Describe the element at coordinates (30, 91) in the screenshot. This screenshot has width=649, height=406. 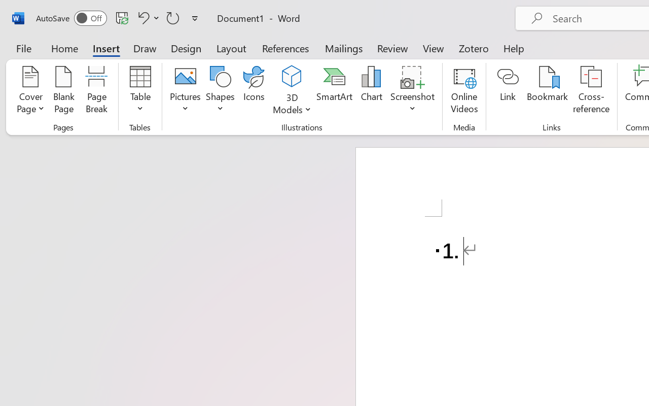
I see `'Cover Page'` at that location.